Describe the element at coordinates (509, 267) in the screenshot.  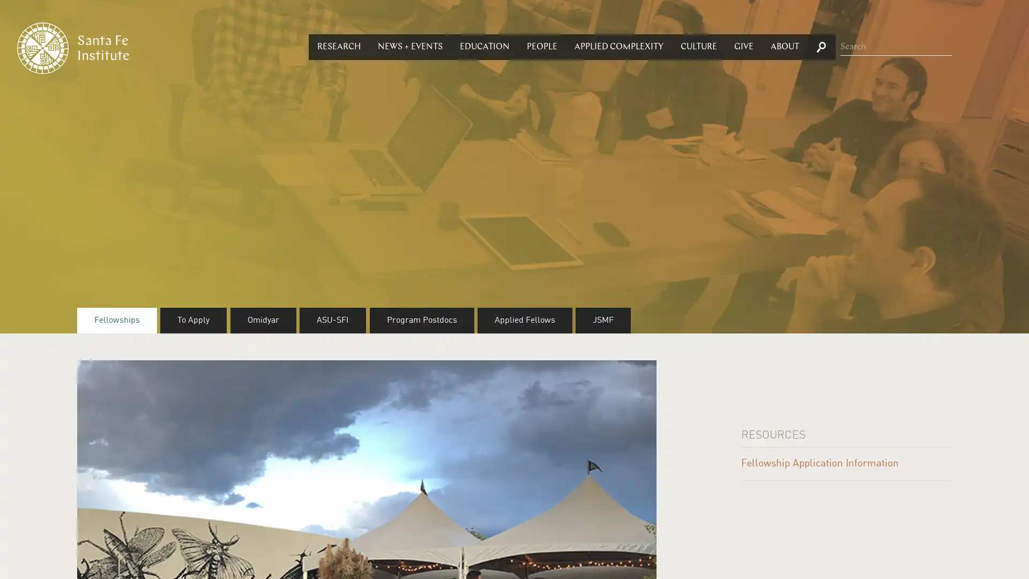
I see `Login` at that location.